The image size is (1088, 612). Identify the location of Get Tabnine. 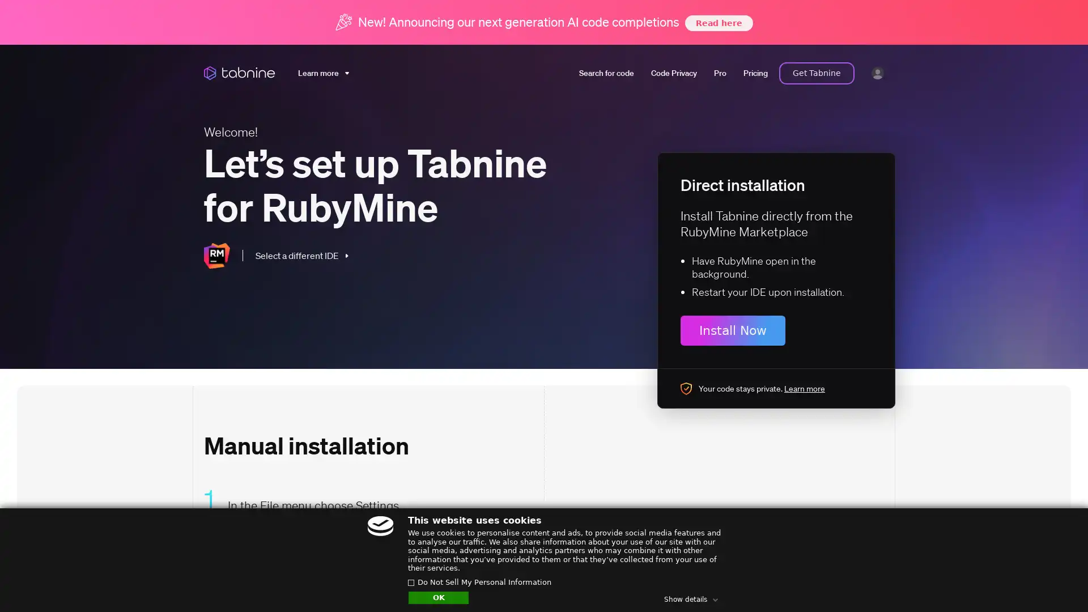
(817, 73).